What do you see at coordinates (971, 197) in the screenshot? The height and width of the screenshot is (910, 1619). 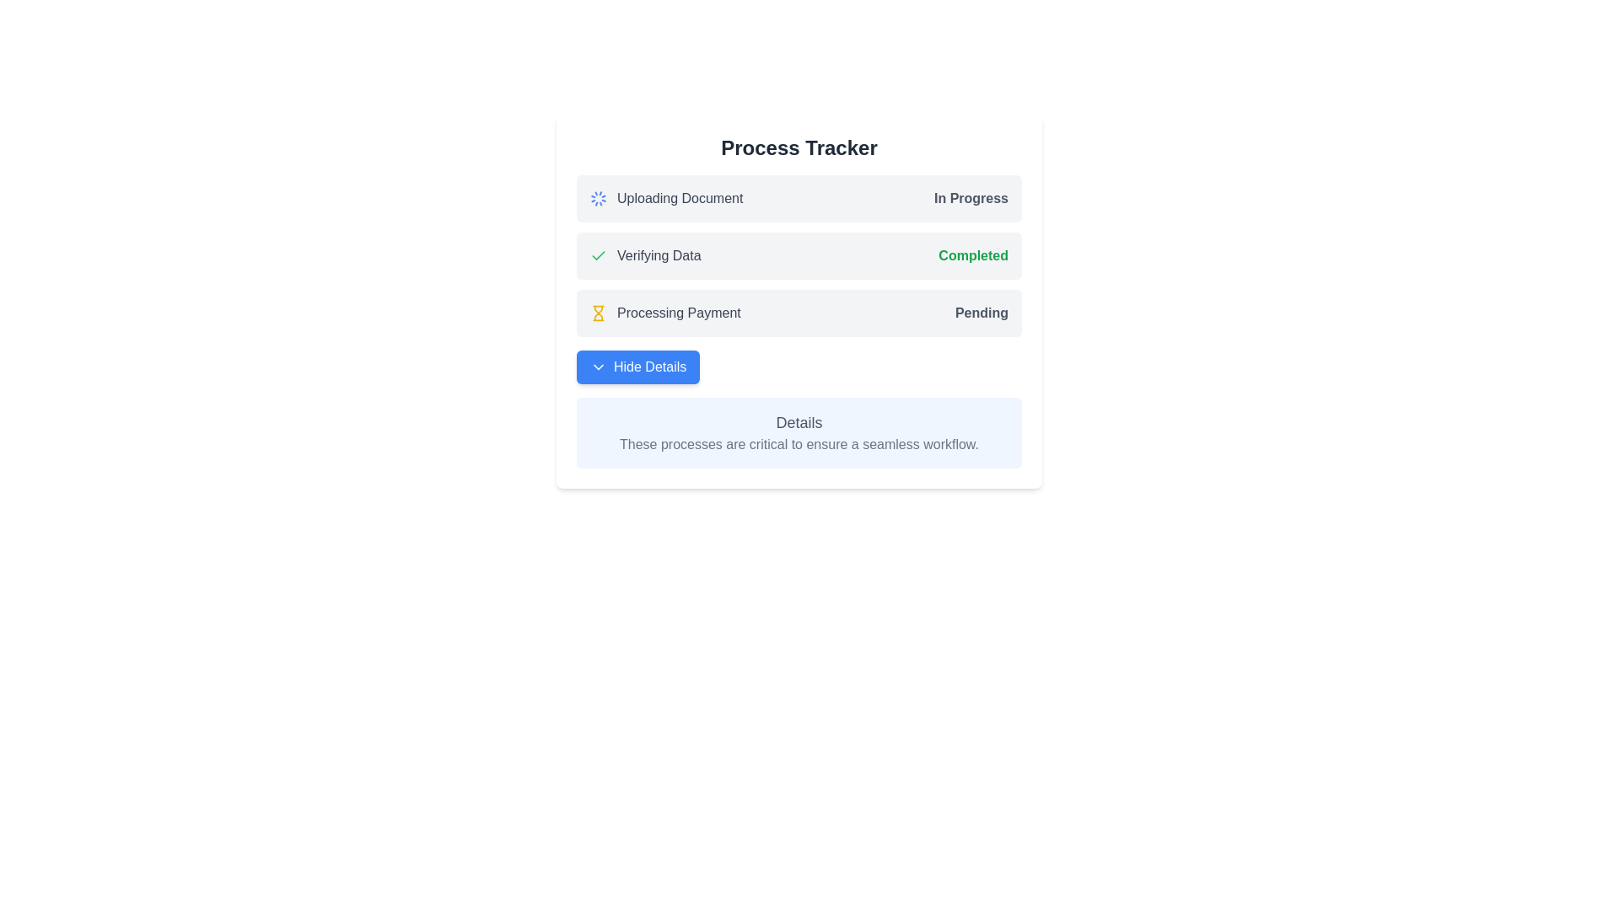 I see `the text label displaying the status 'In Progress' located on the right side of the 'Uploading Document' row` at bounding box center [971, 197].